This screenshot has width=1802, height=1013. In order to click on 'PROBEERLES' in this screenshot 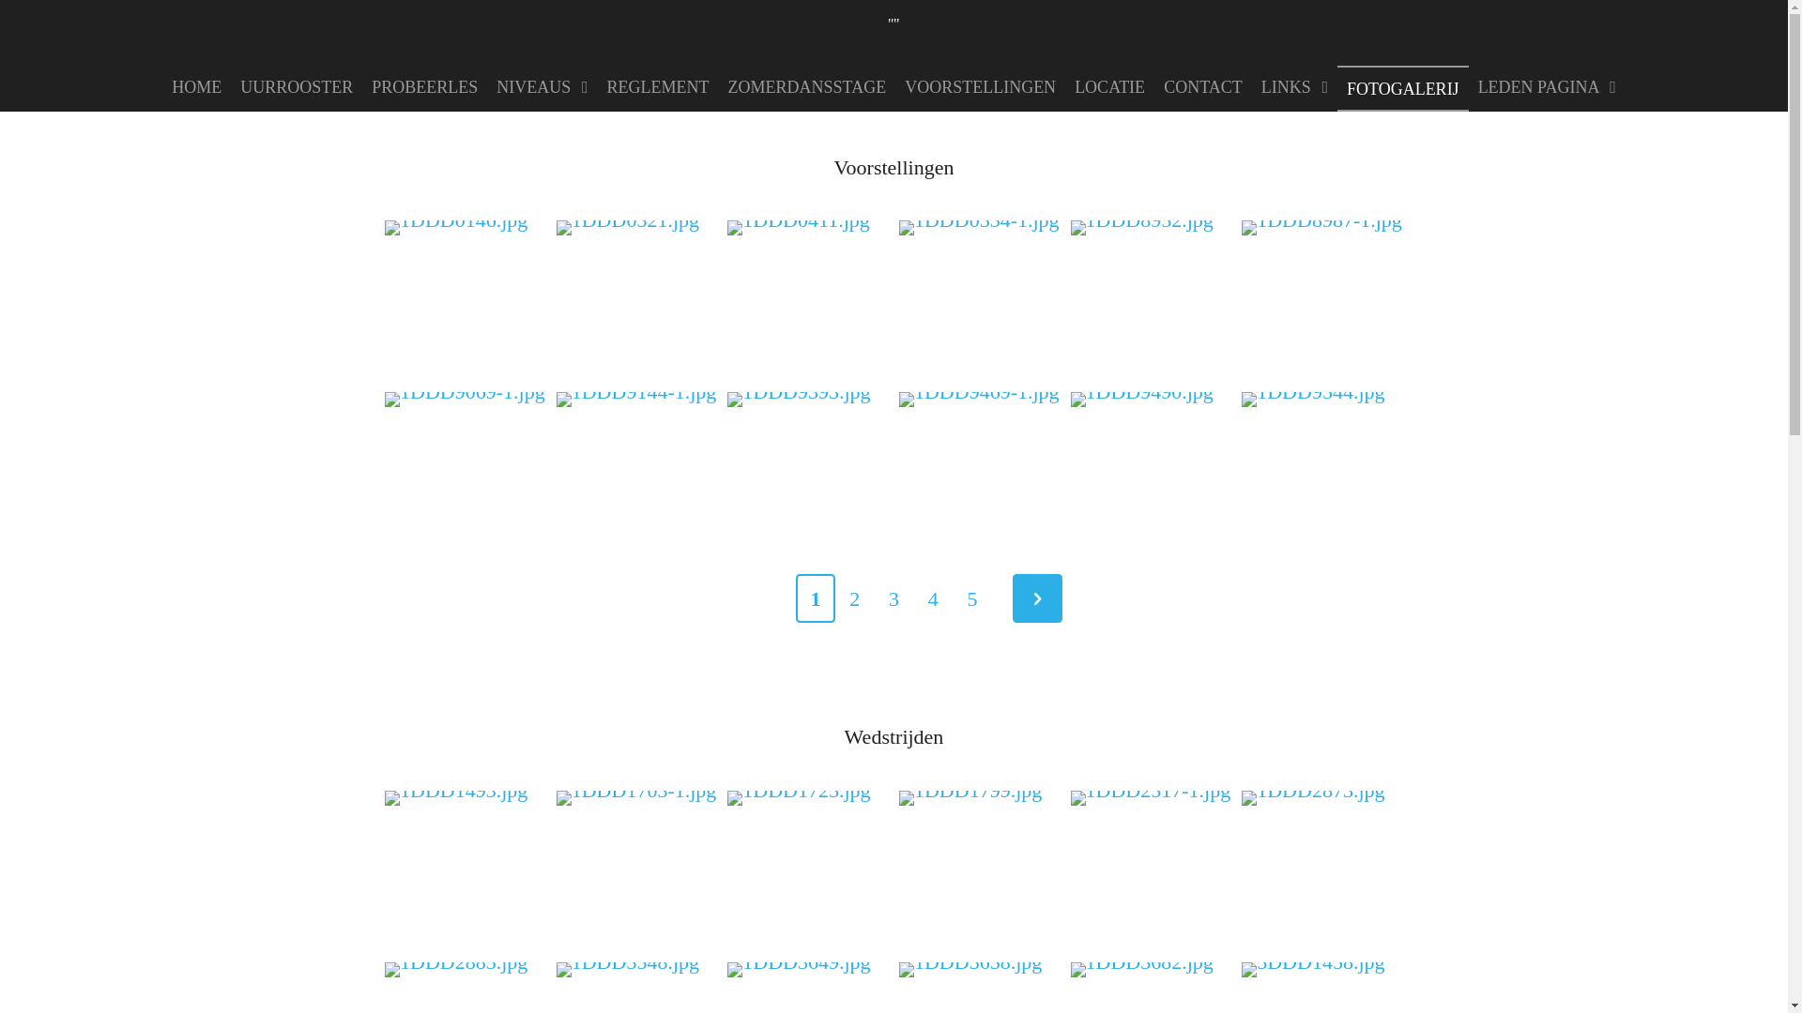, I will do `click(423, 86)`.